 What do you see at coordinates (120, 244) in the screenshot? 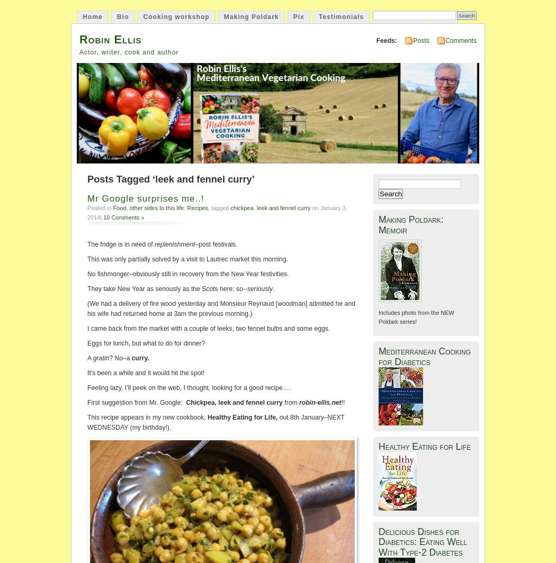
I see `'The fridge is in need of'` at bounding box center [120, 244].